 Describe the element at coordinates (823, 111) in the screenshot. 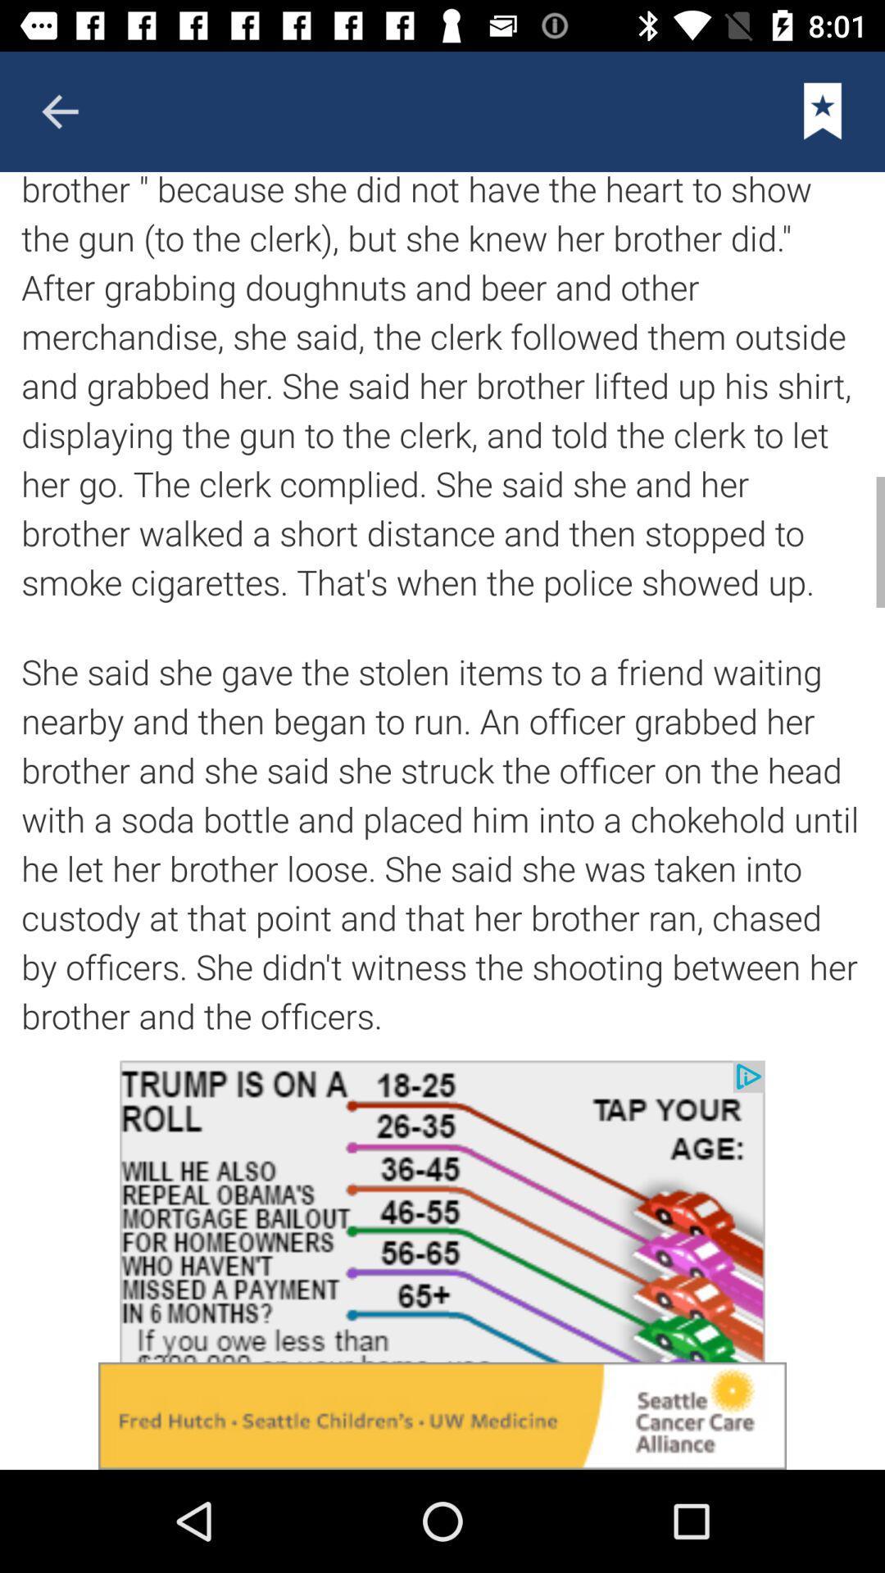

I see `the bookmark icon` at that location.